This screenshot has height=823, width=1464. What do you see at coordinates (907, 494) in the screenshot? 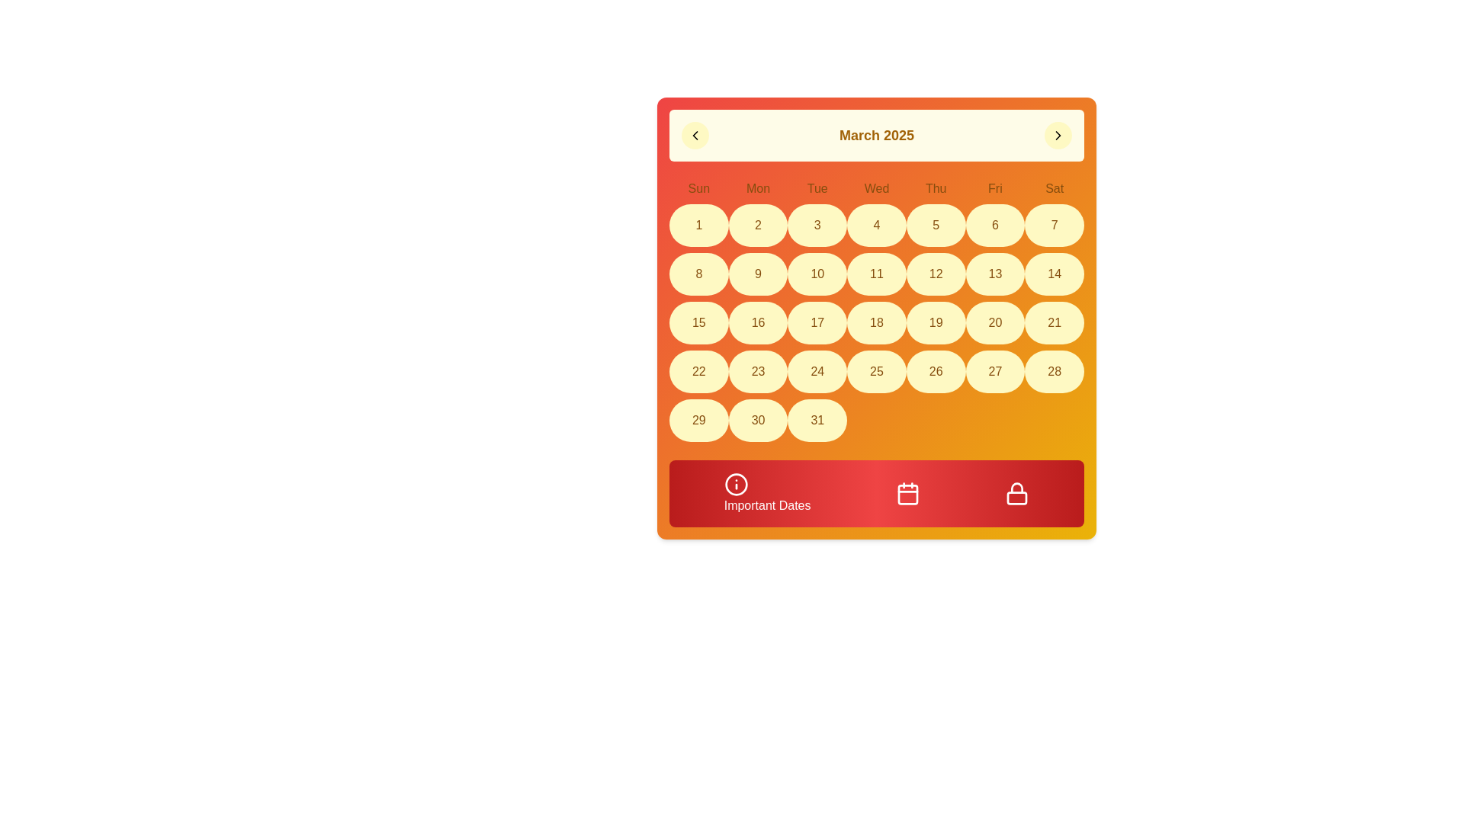
I see `the calendar icon button, which is a square icon with curved corners, white in color against a red background, located centrally within the bottom red gradient bar of the interface` at bounding box center [907, 494].